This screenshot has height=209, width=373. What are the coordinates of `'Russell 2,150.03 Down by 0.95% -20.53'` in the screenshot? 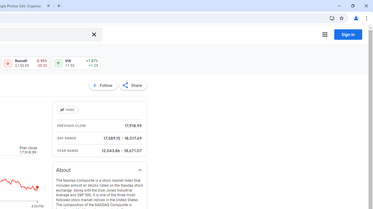 It's located at (25, 63).